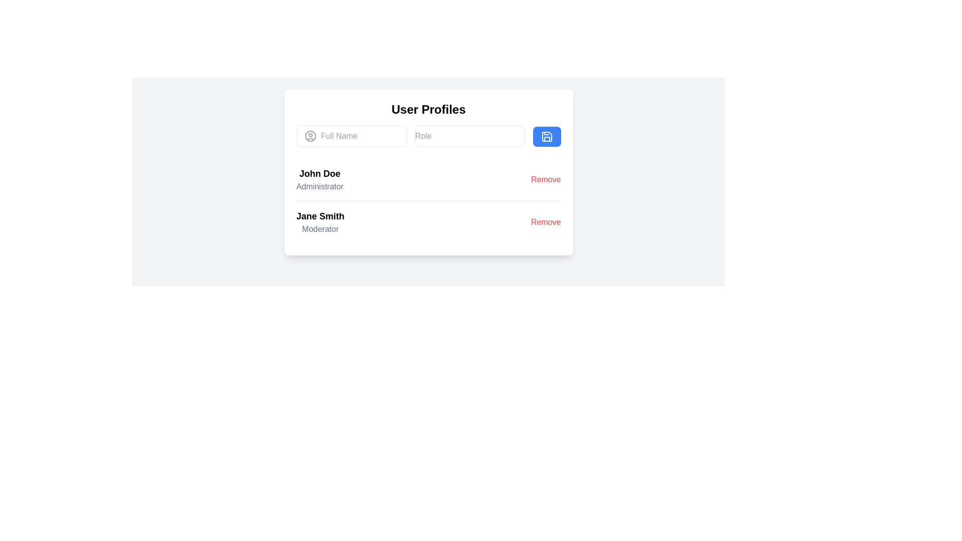 The image size is (962, 541). Describe the element at coordinates (310, 136) in the screenshot. I see `the outermost Circle SVG element of the user profile icon, located to the left of the 'Full Name' text input field` at that location.